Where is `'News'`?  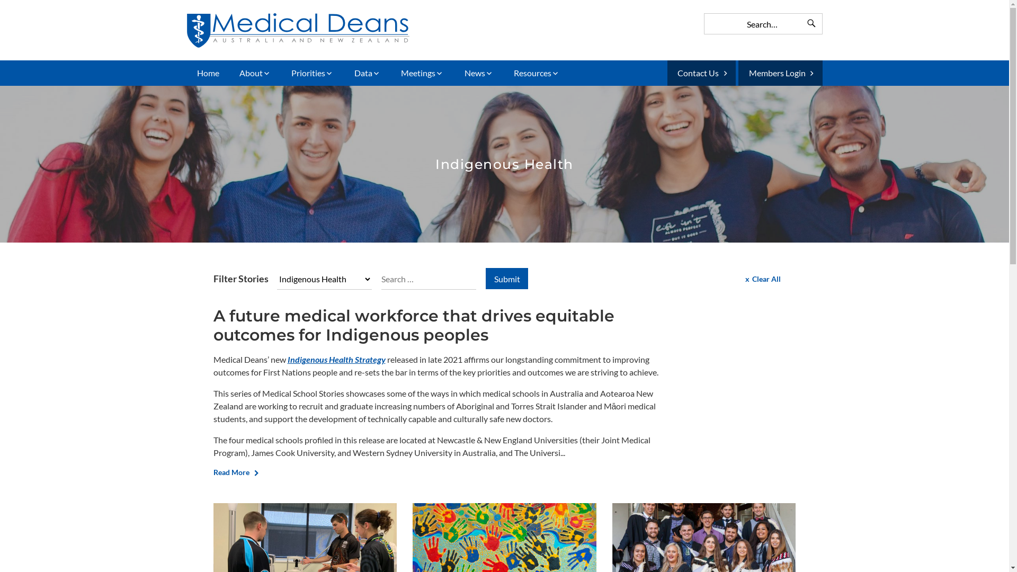
'News' is located at coordinates (478, 73).